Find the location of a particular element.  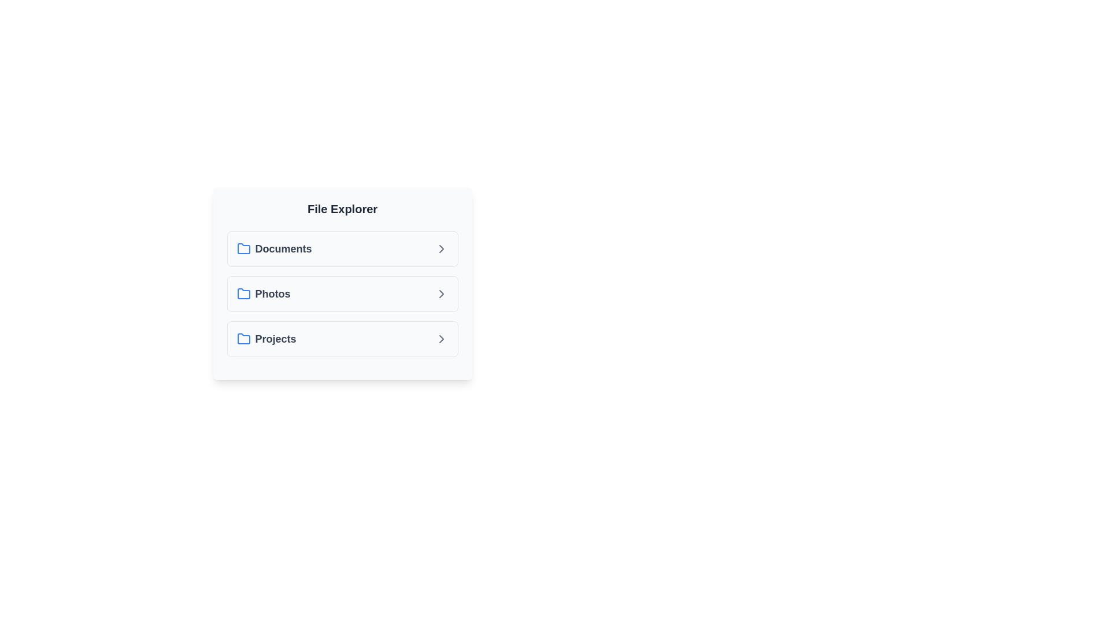

the folder icon next to Projects is located at coordinates (243, 338).